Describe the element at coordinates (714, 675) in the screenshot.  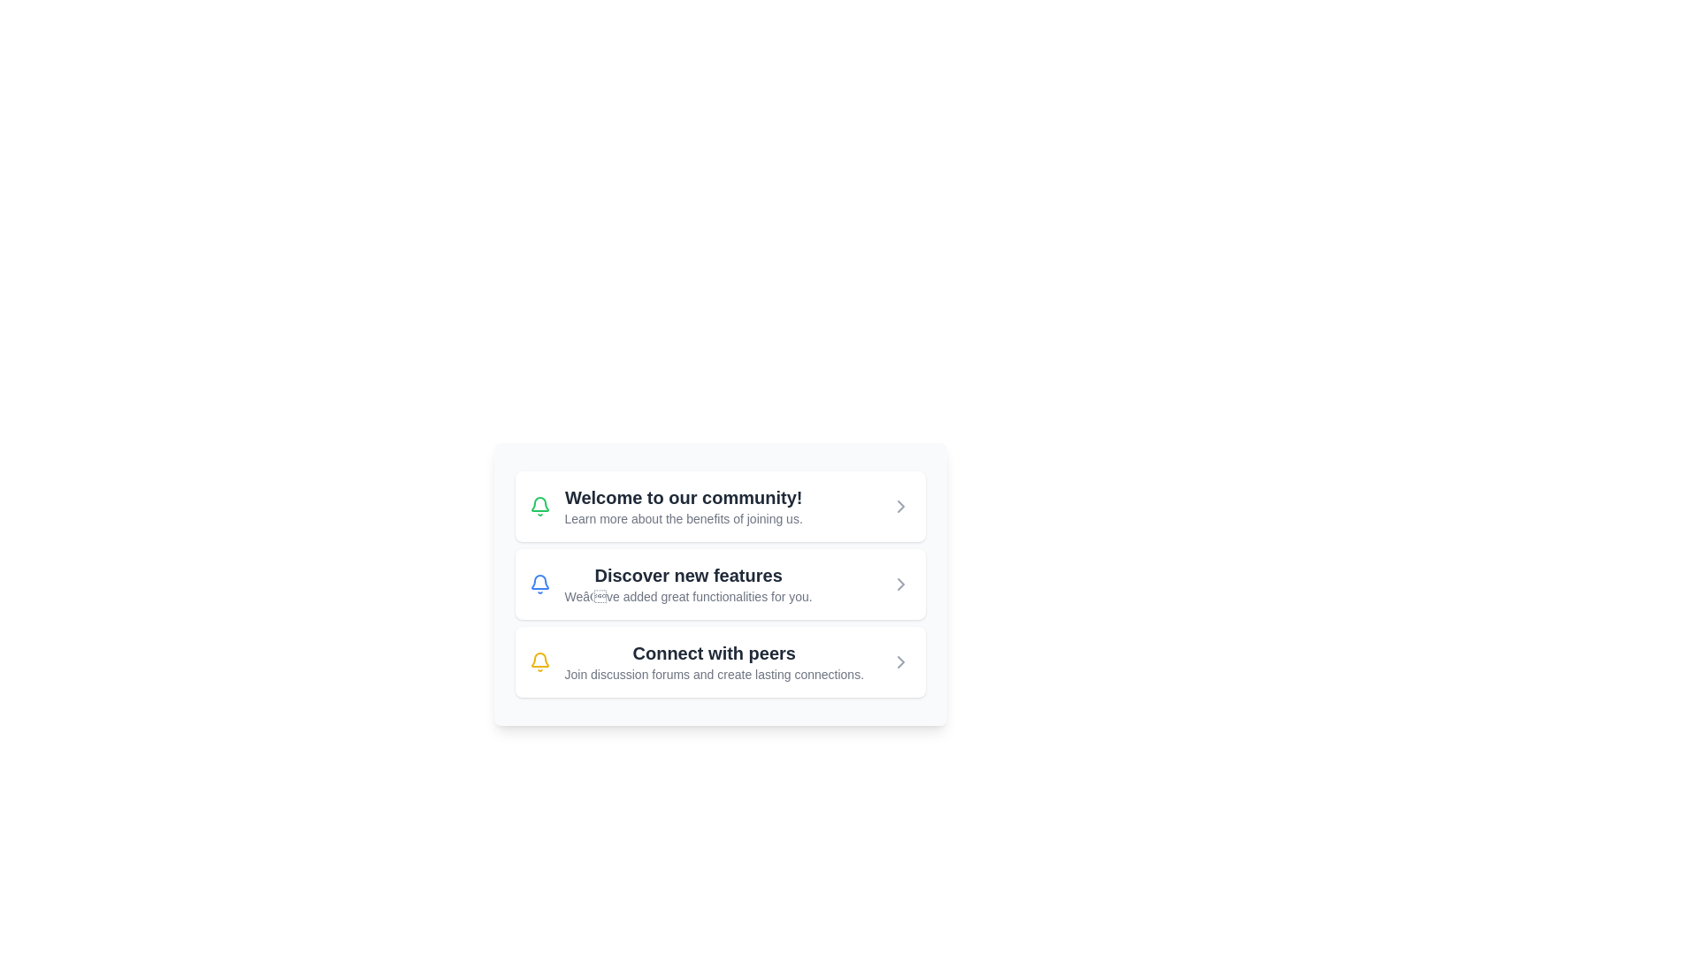
I see `the text block reading 'Join discussion forums and create lasting connections.' which is located beneath the bold text 'Connect with peers'` at that location.